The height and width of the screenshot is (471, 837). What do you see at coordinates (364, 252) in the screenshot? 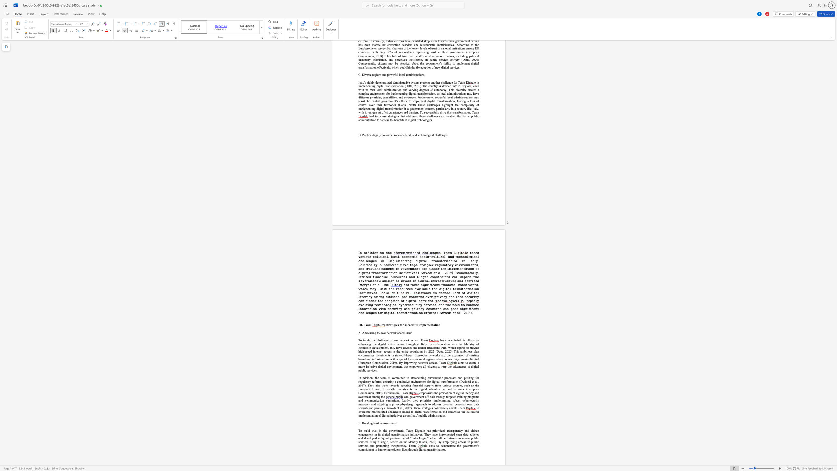
I see `the subset text "addition" within the text "In addition to the"` at bounding box center [364, 252].